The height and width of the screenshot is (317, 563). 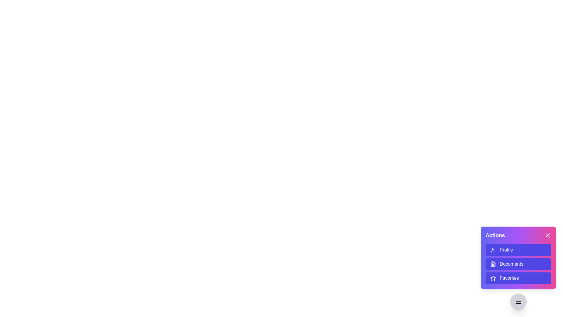 I want to click on the 'Favorites' button in the 'Actions' panel, so click(x=518, y=278).